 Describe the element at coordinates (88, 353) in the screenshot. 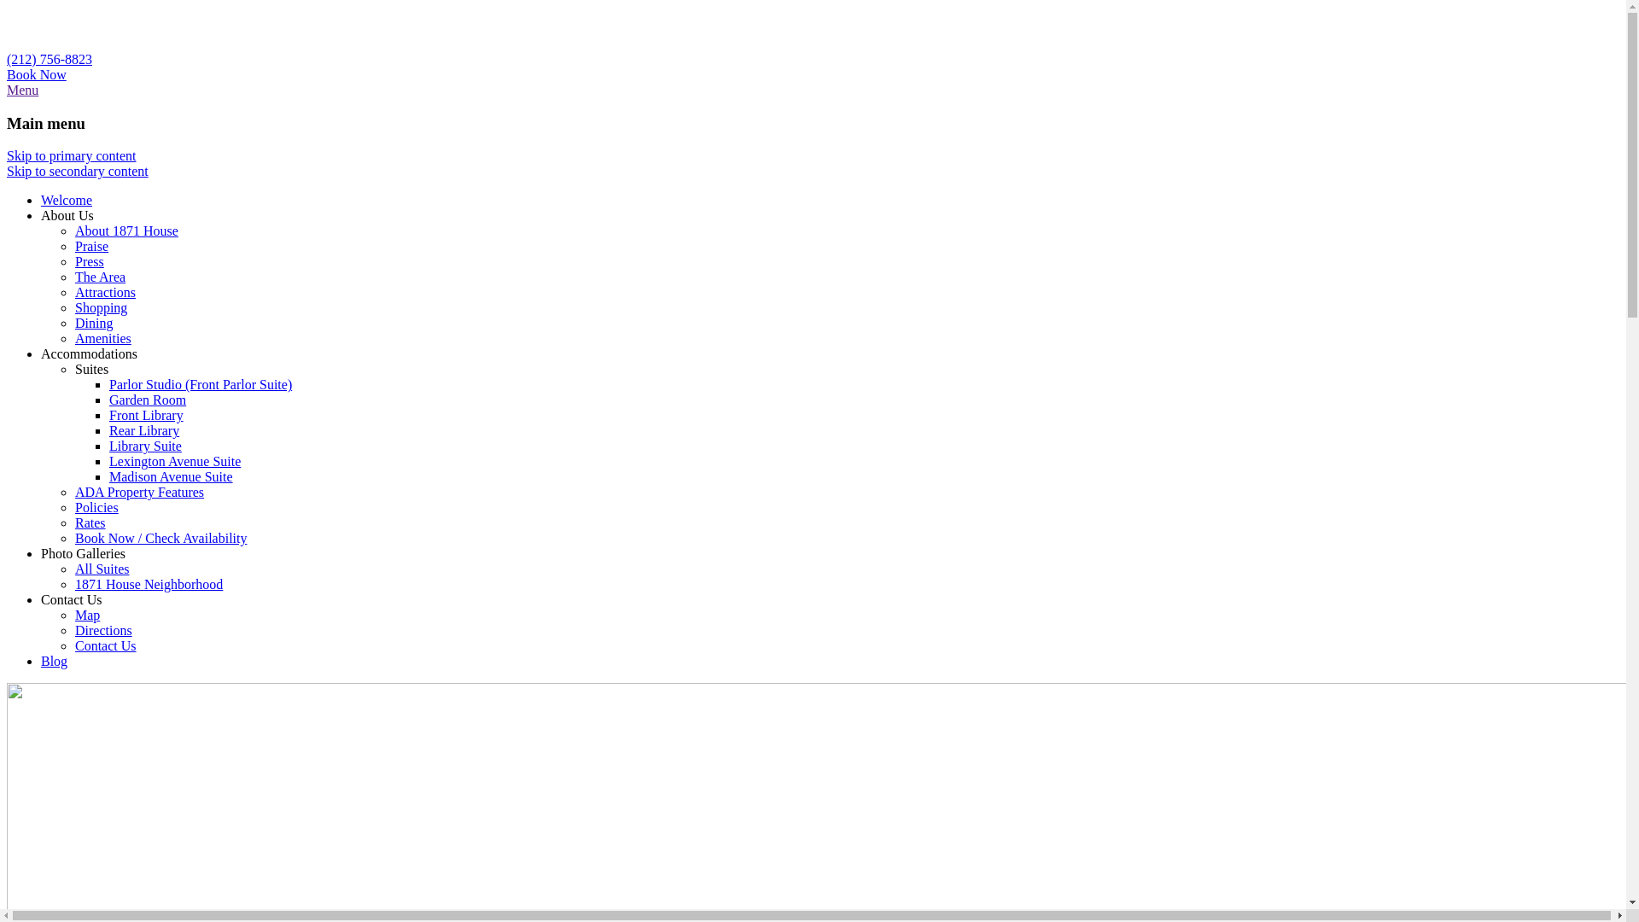

I see `'Accommodations'` at that location.